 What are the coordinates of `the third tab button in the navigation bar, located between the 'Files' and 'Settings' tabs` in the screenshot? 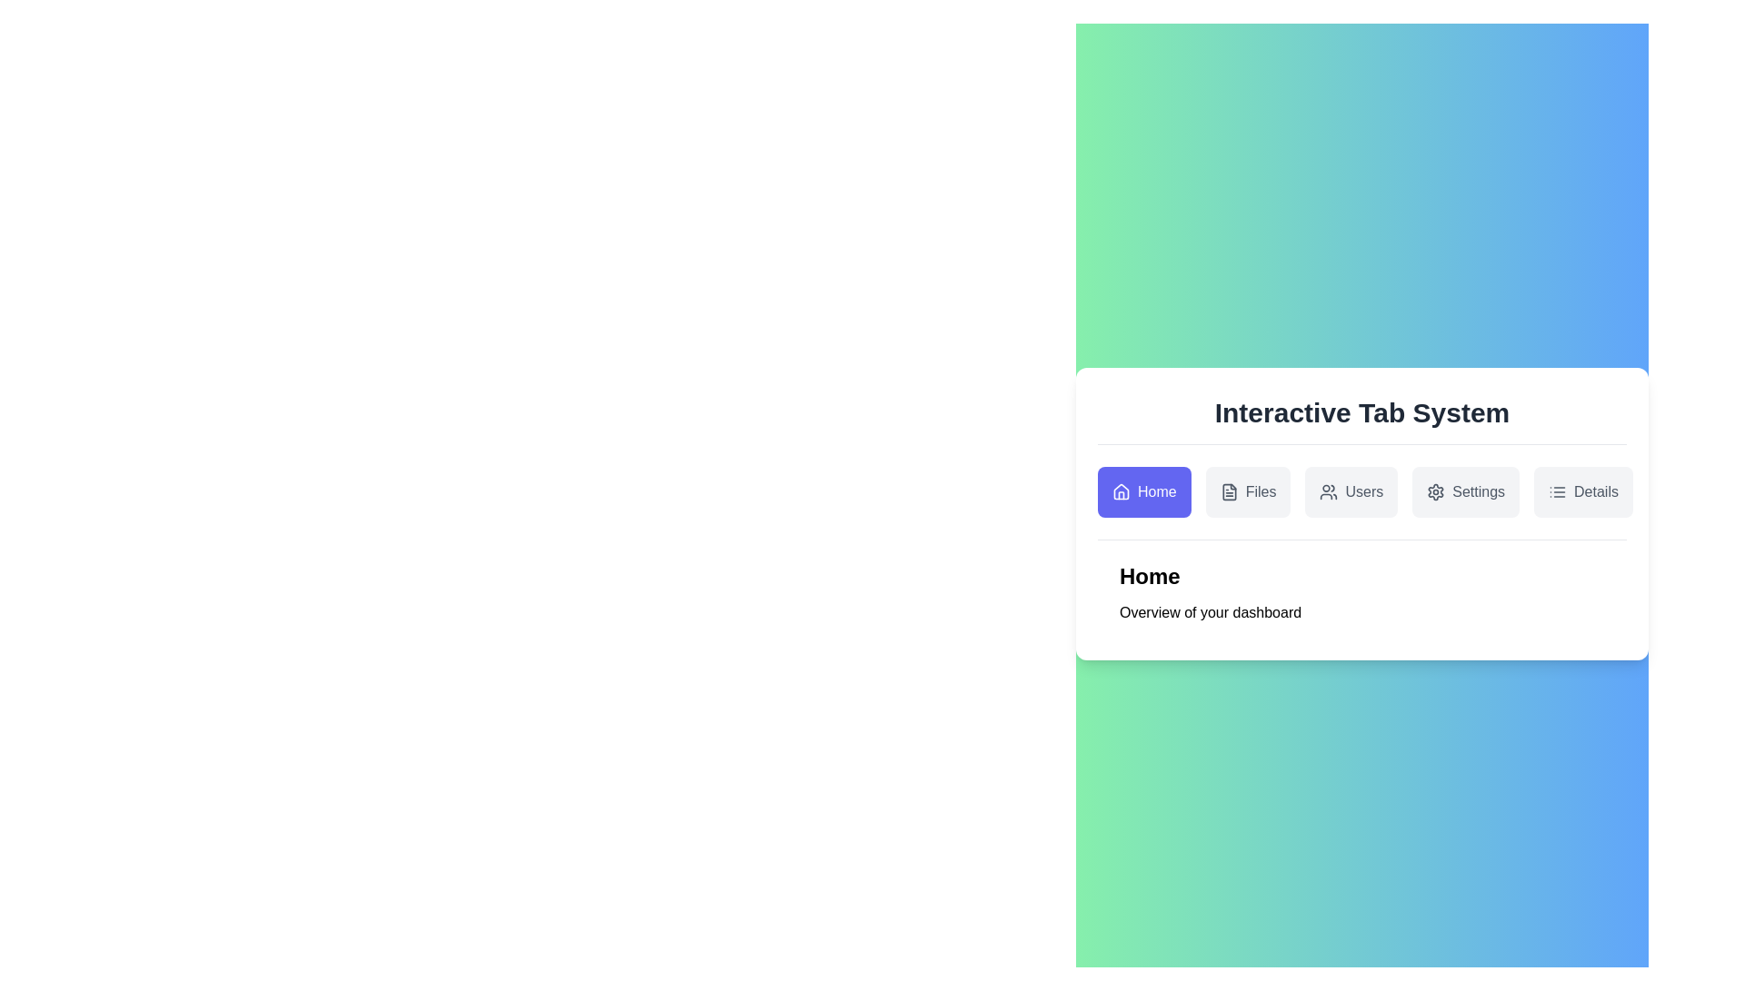 It's located at (1351, 492).